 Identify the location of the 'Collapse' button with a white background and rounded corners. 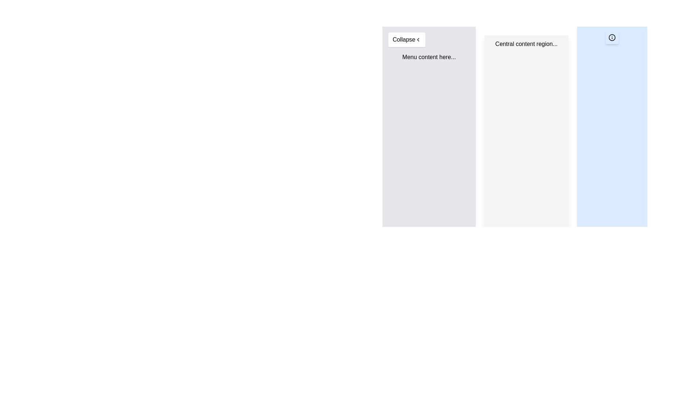
(407, 39).